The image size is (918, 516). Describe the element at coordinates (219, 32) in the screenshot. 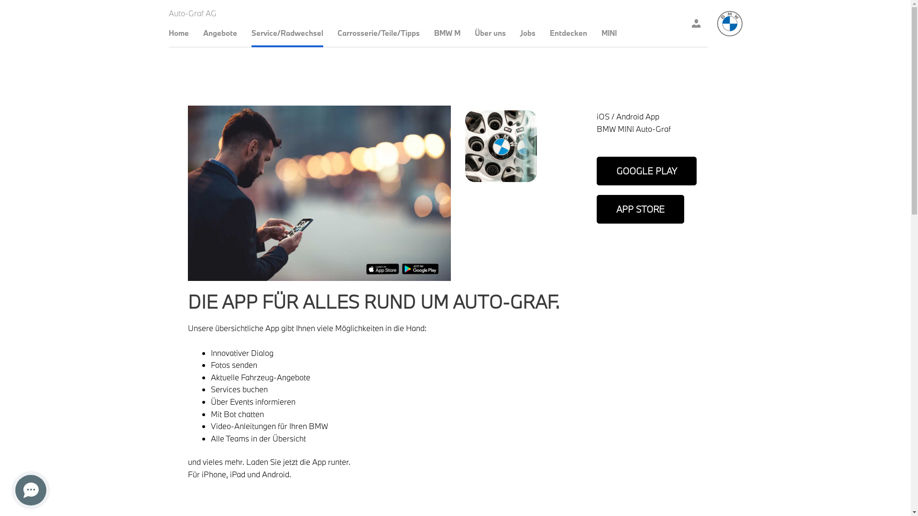

I see `'Angebote'` at that location.